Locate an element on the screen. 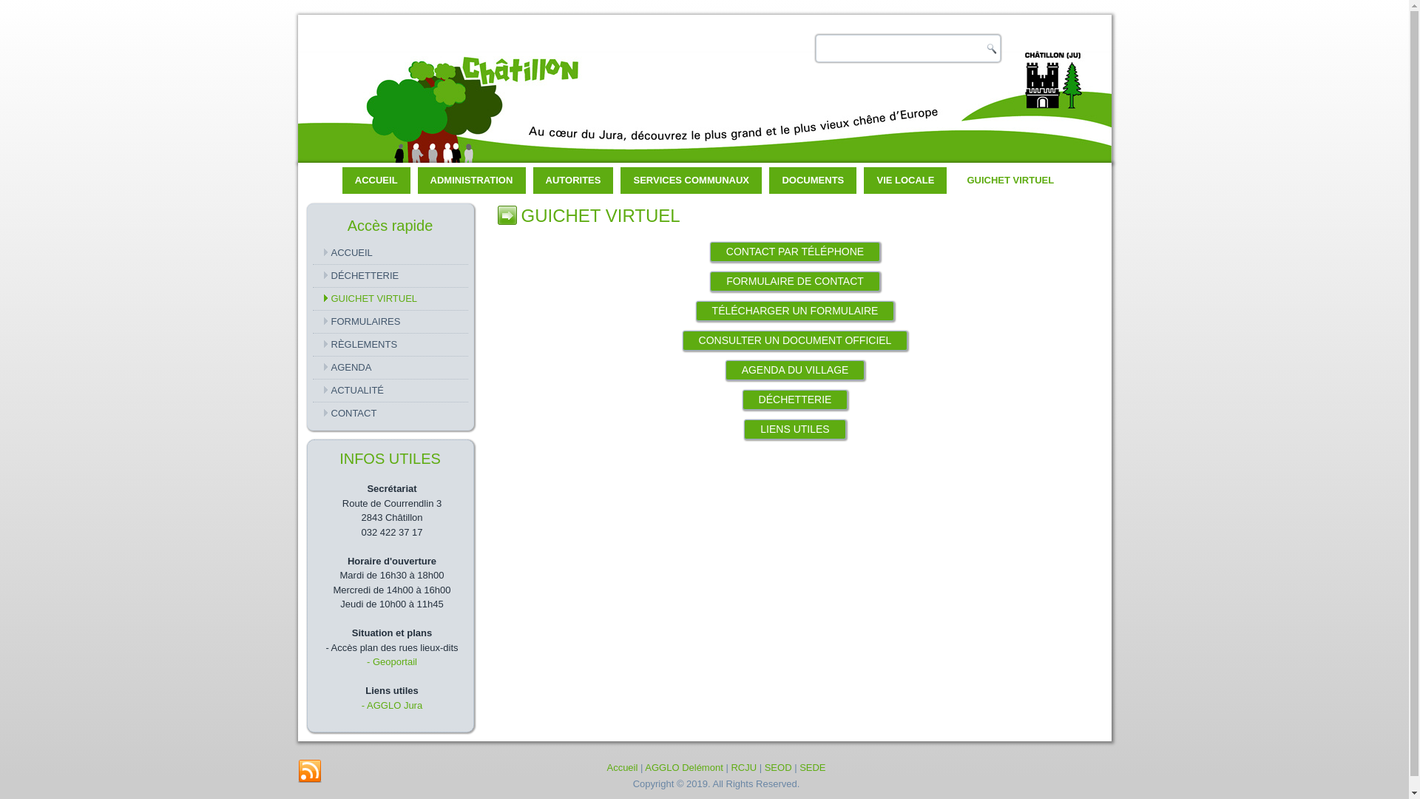 This screenshot has width=1420, height=799. 'GUICHET VIRTUEL' is located at coordinates (390, 299).